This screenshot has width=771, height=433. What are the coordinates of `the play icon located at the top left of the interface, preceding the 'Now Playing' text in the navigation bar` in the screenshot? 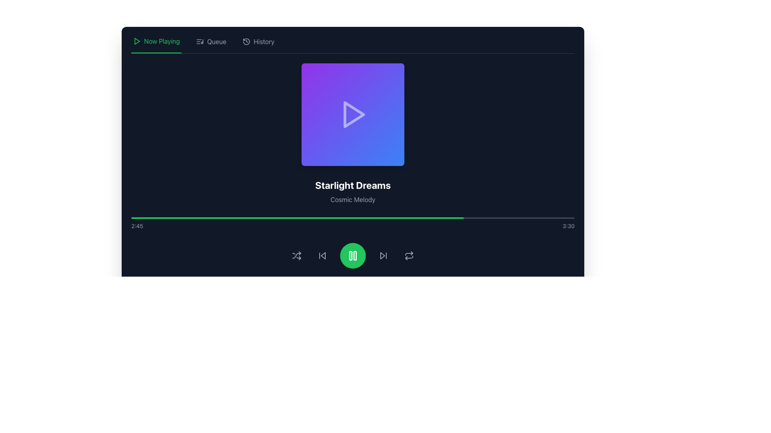 It's located at (137, 41).